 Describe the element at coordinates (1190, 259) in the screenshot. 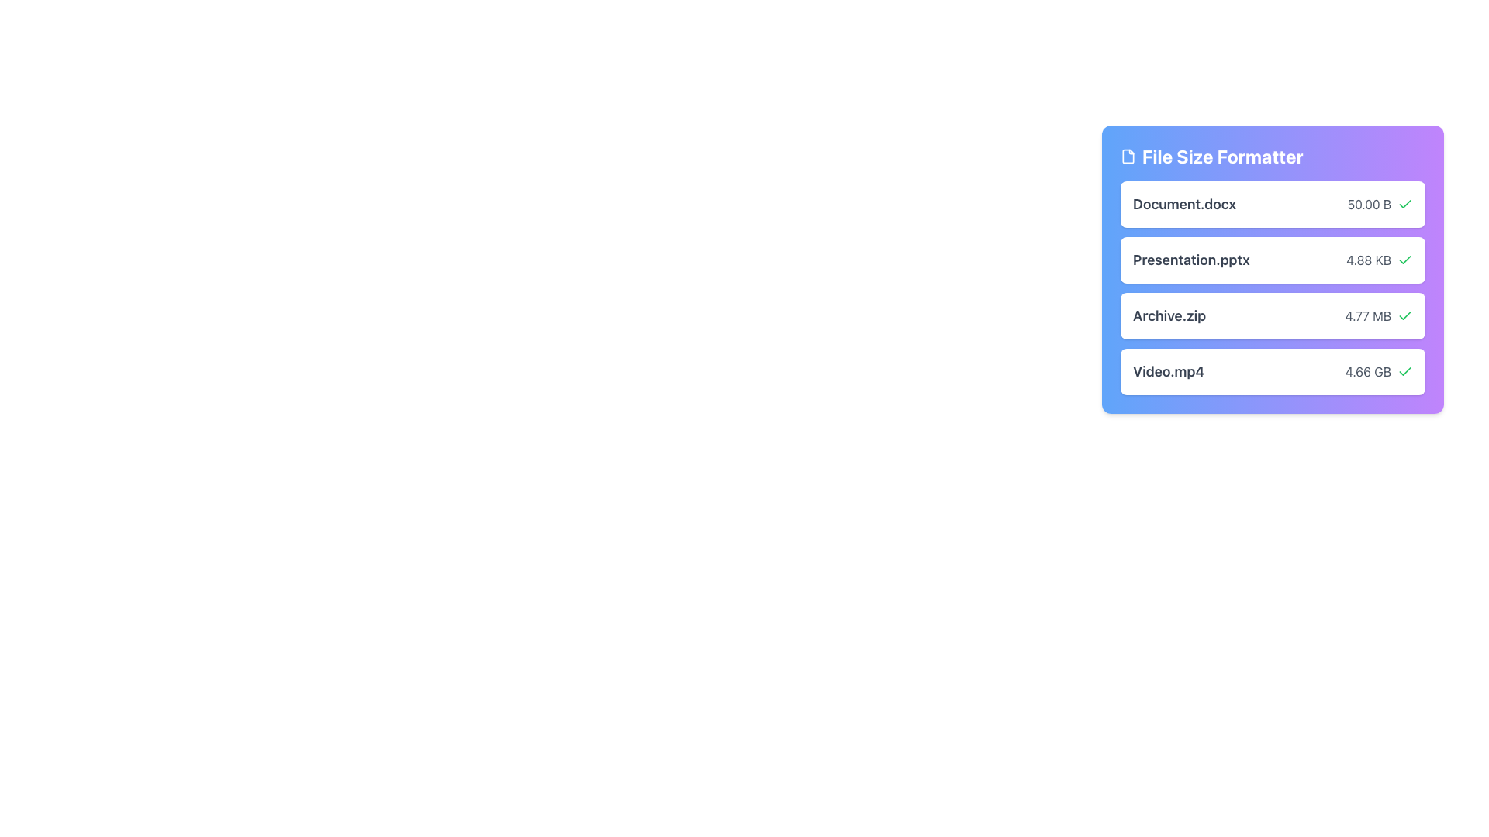

I see `text content of the filename label located in the second card of a vertically stacked list of four cards, positioned near the top of the card` at that location.